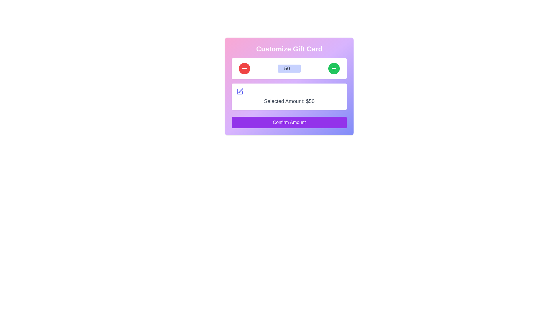 This screenshot has height=310, width=551. Describe the element at coordinates (289, 122) in the screenshot. I see `the rectangular button labeled 'Confirm Amount' with a purple background and white text, located below the '$50' amount in the 'Customize Gift Card' section` at that location.